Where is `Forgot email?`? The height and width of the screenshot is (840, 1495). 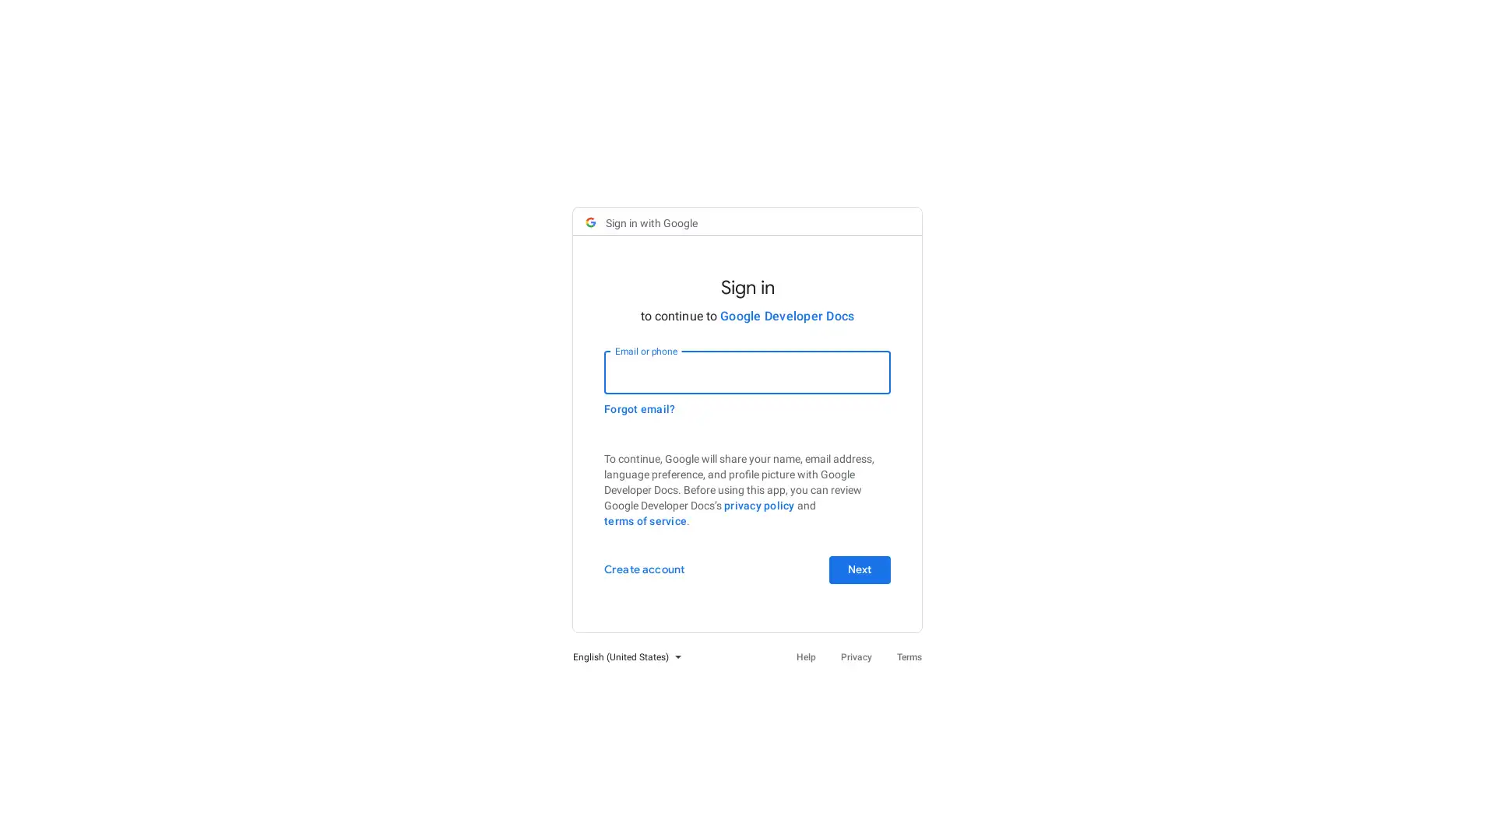 Forgot email? is located at coordinates (639, 408).